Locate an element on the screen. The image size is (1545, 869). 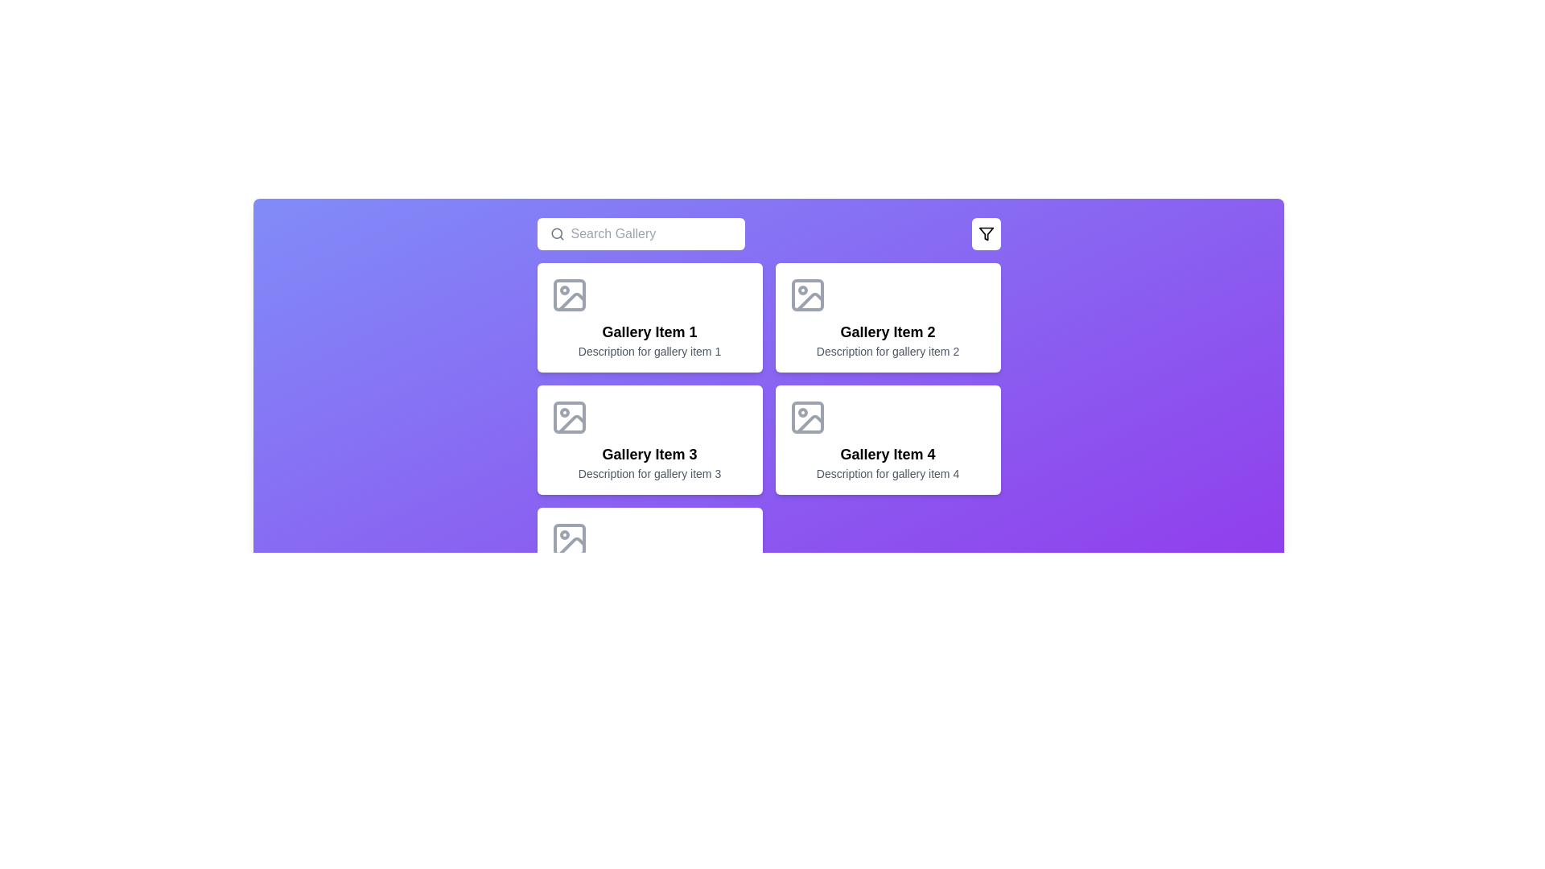
the card titled 'Gallery Item 2' to visually highlight it, which is styled with a white background and rounded corners, located at the top-right of the grid layout is located at coordinates (887, 317).